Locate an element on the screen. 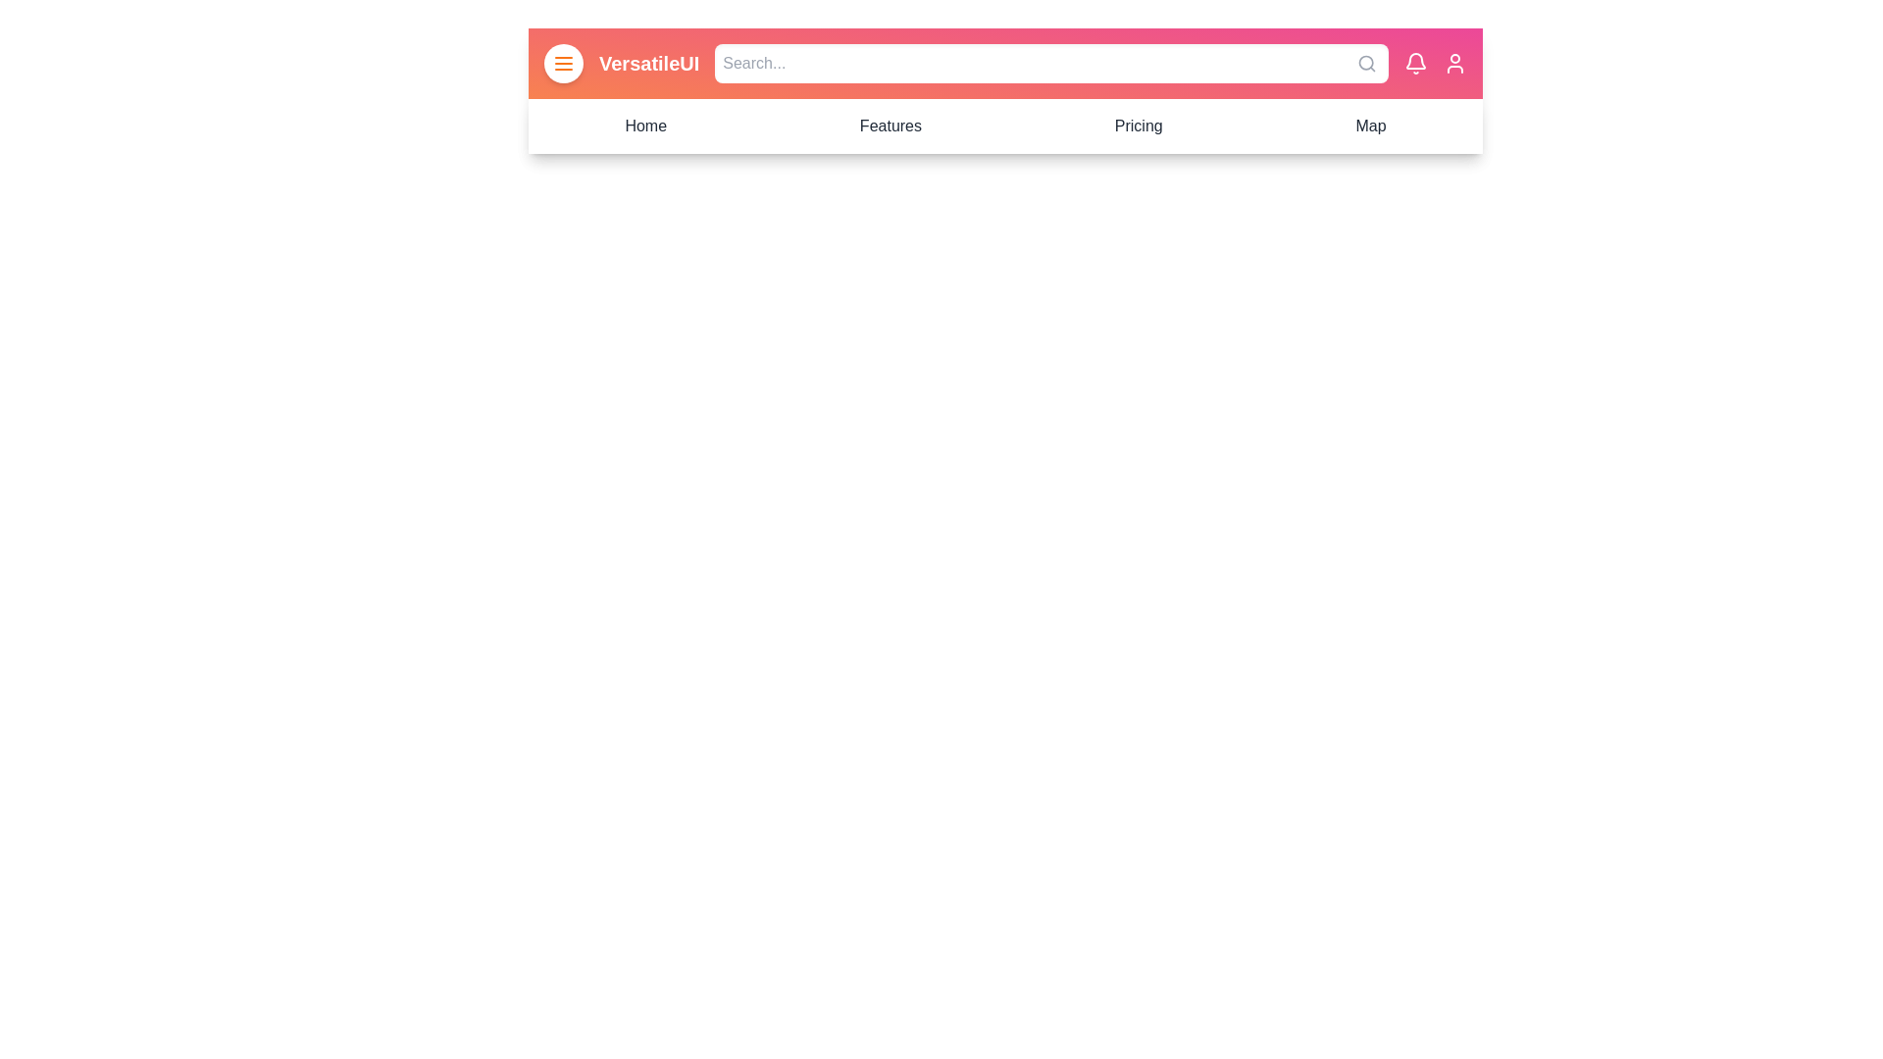 The width and height of the screenshot is (1883, 1059). the navigation menu item labeled 'Map' to navigate to the corresponding section is located at coordinates (1369, 126).